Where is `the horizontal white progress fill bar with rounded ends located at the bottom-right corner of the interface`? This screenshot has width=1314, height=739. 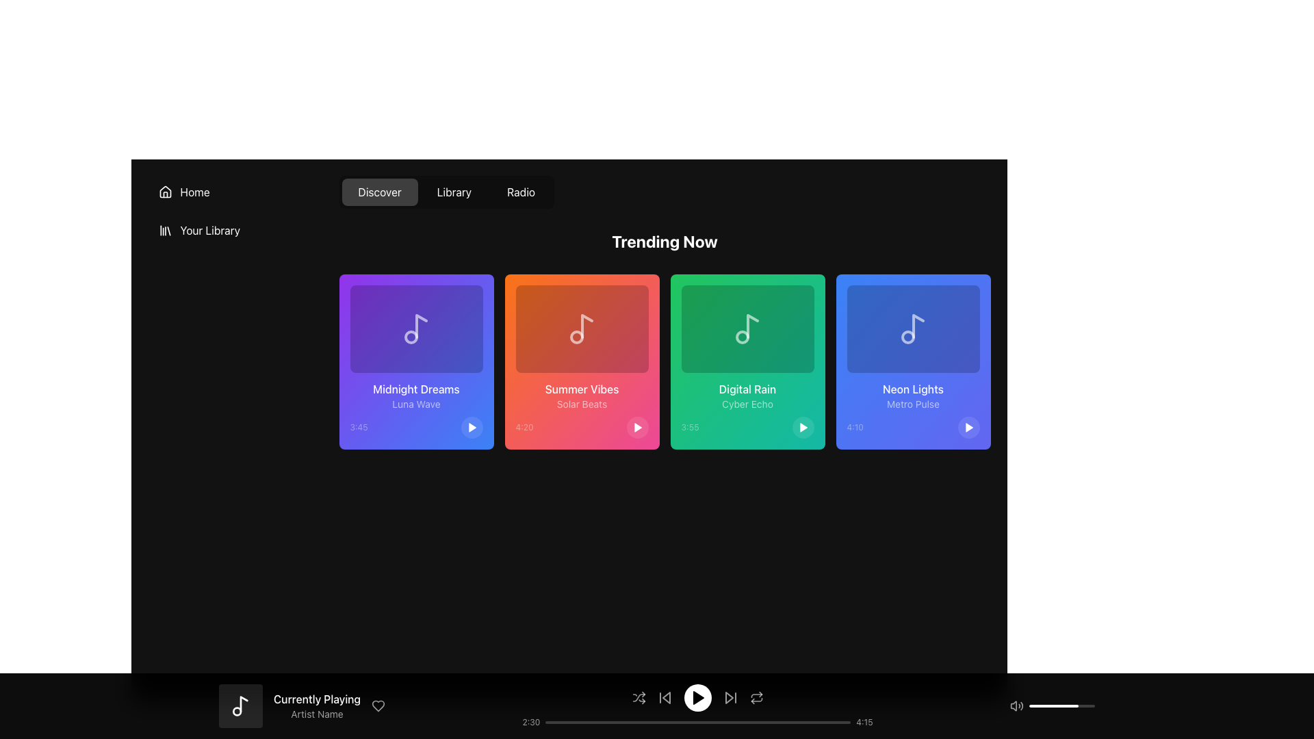
the horizontal white progress fill bar with rounded ends located at the bottom-right corner of the interface is located at coordinates (1053, 706).